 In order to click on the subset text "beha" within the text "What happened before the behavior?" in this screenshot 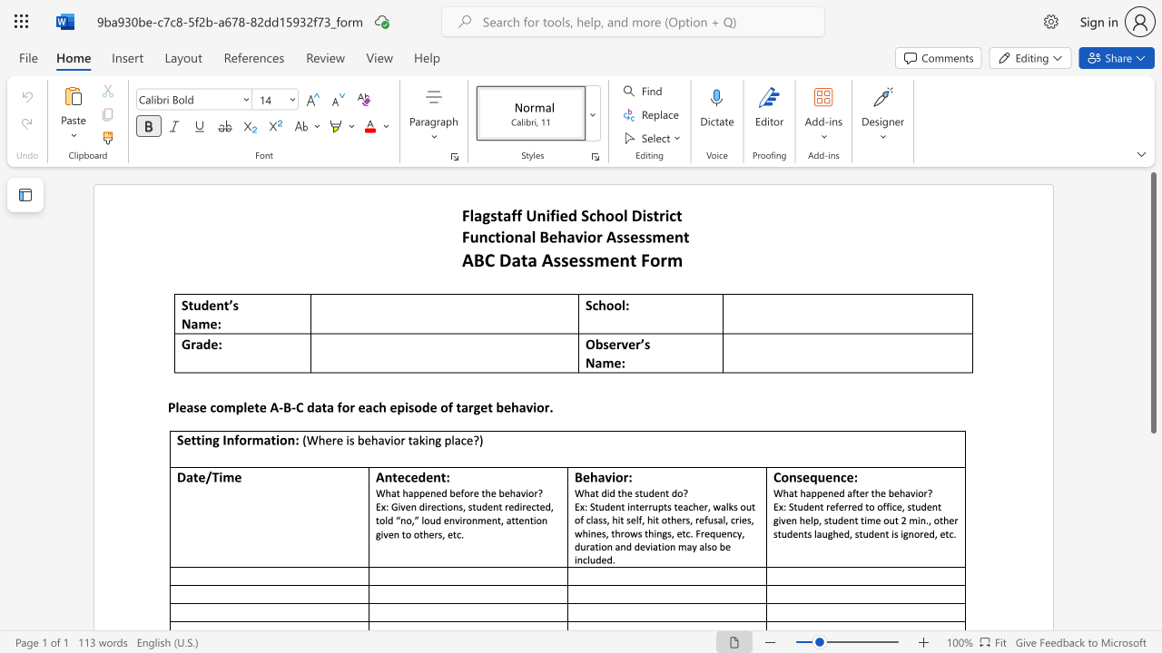, I will do `click(498, 492)`.